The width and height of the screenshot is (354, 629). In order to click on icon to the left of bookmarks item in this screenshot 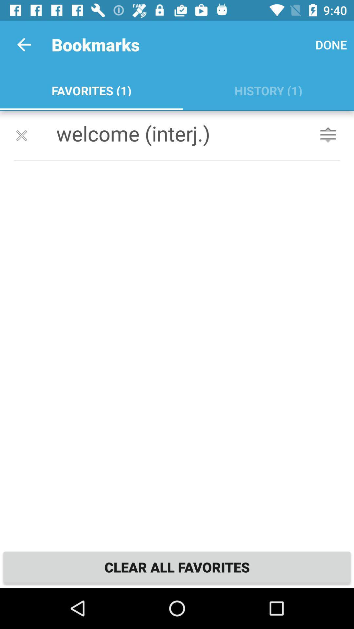, I will do `click(24, 44)`.